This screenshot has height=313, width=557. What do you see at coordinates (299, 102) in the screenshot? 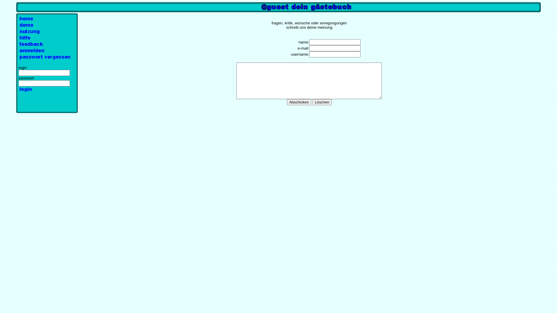
I see `'Abschicken'` at bounding box center [299, 102].